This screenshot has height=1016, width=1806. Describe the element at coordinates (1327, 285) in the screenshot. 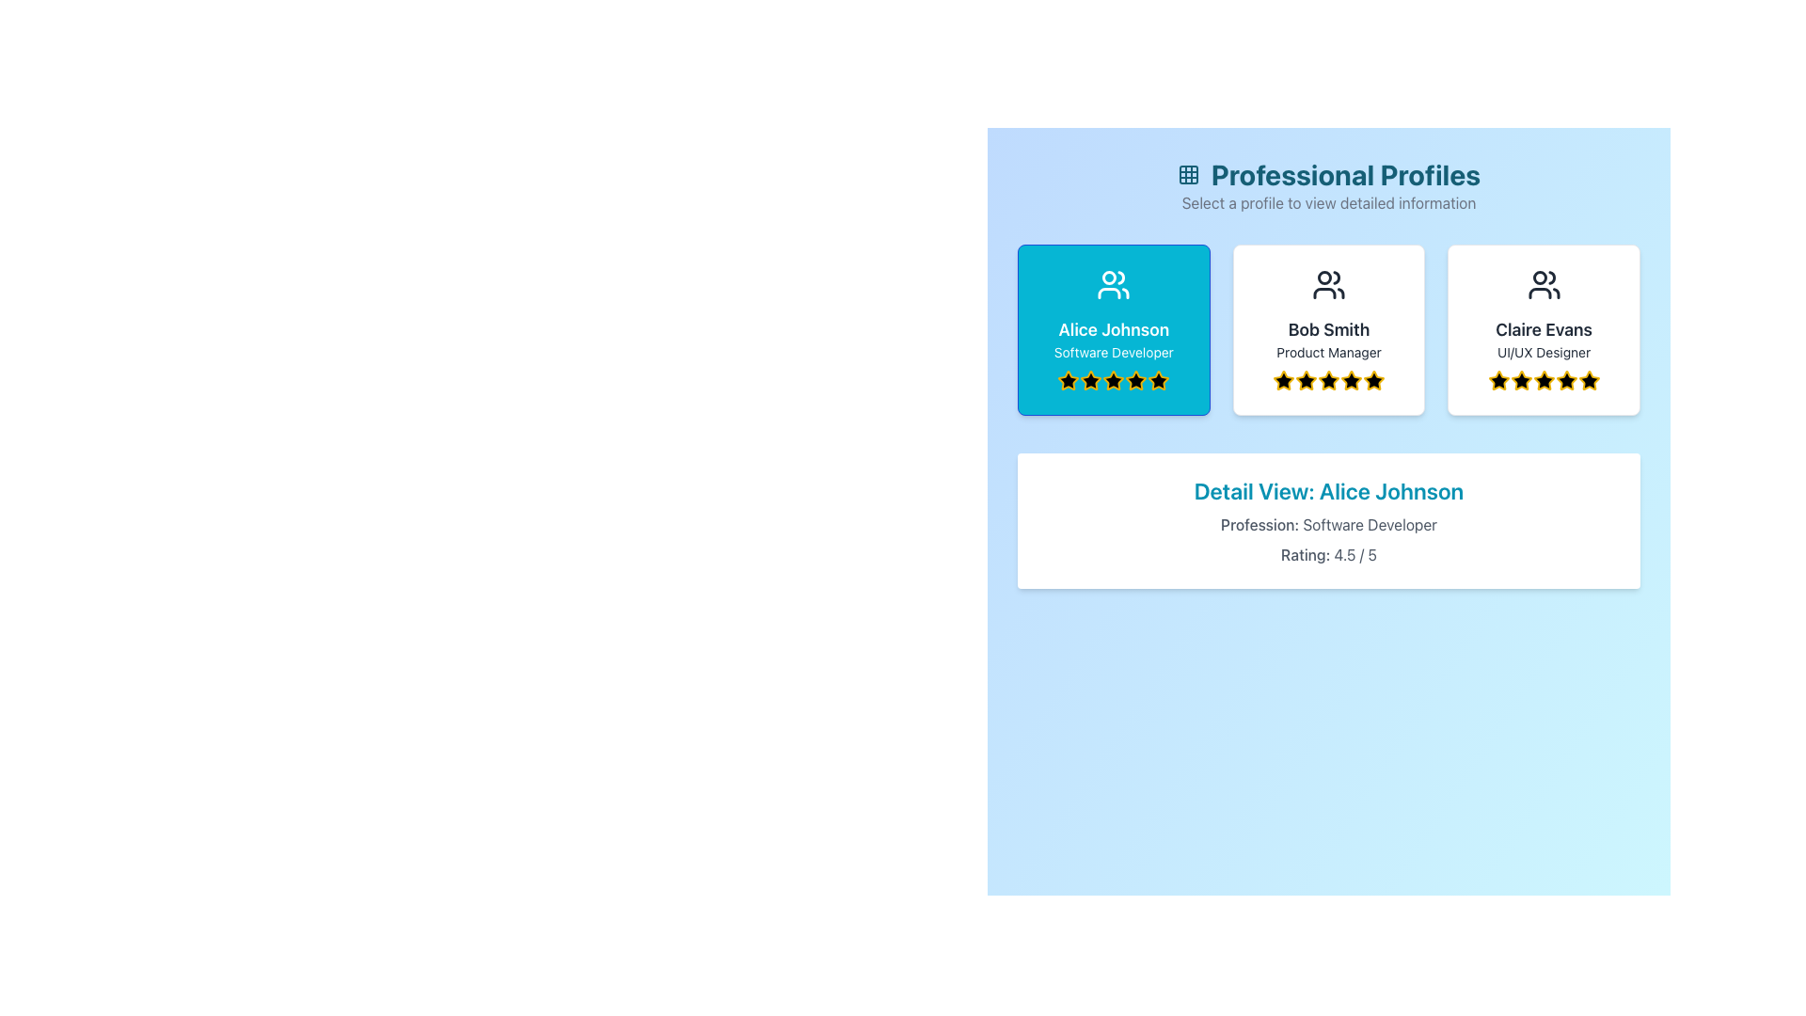

I see `the user icon representing Bob Smith, which is centered within the card labeled 'Bob Smith Product Manager'` at that location.